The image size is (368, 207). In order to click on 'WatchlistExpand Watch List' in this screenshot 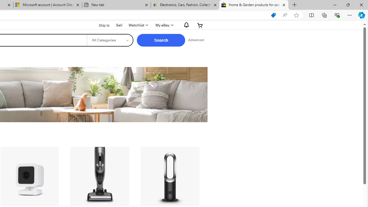, I will do `click(138, 25)`.